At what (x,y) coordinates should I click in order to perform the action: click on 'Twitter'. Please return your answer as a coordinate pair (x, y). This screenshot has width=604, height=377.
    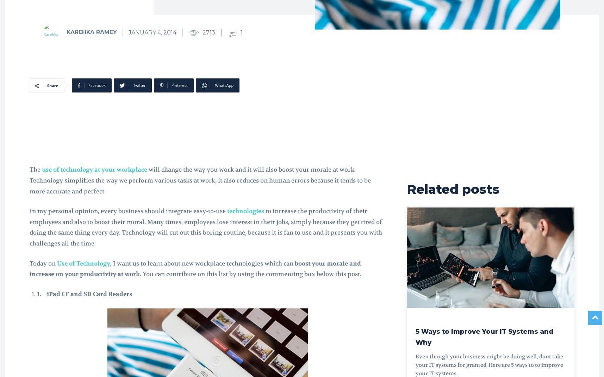
    Looking at the image, I should click on (133, 85).